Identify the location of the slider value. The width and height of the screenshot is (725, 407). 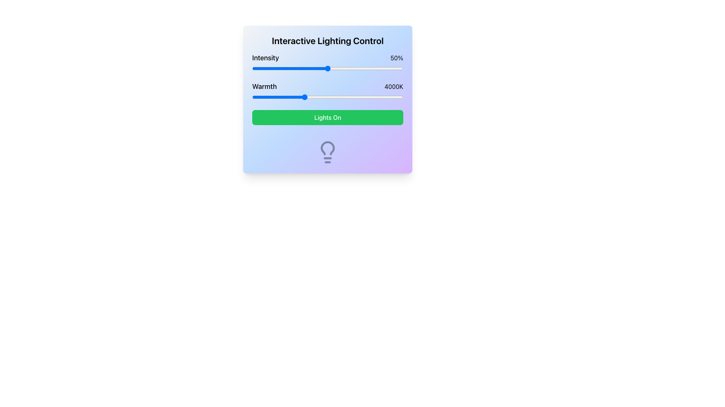
(291, 68).